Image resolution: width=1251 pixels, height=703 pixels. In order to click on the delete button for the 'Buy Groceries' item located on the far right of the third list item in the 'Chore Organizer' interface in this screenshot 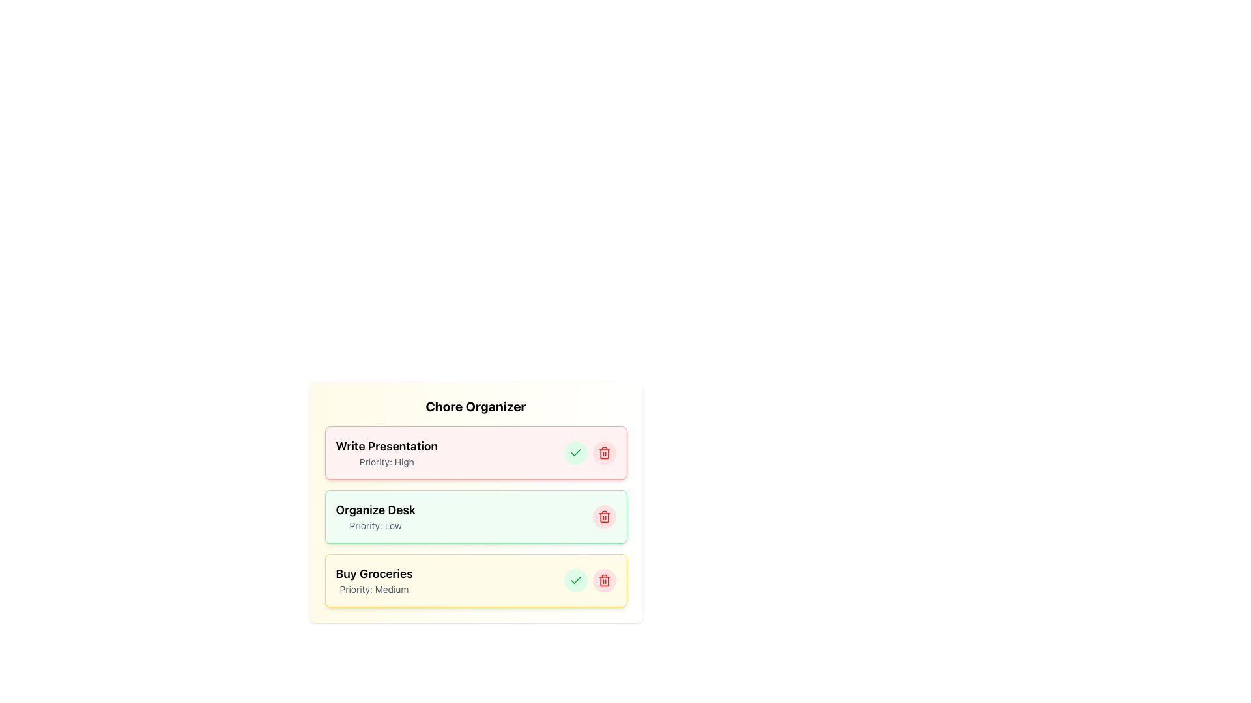, I will do `click(603, 579)`.